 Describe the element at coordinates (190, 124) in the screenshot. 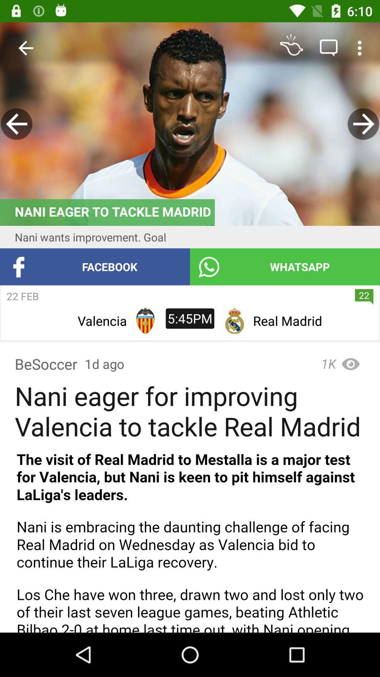

I see `image` at that location.